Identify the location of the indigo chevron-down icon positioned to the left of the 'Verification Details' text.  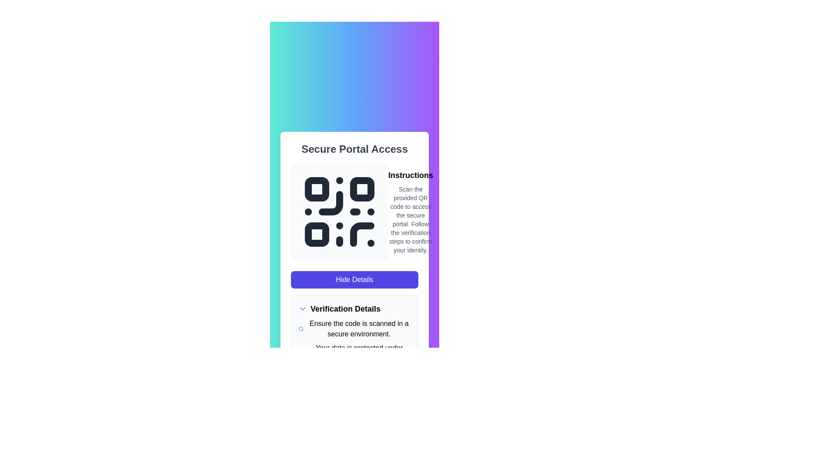
(303, 308).